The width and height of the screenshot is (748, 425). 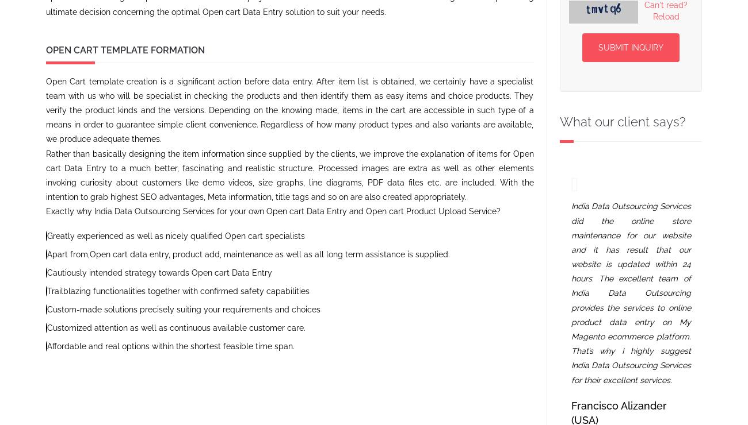 I want to click on 'Open Cart template creation is a significant action before data entry. After item list is obtained, we certainly have a specialist team with us who will be specialist in checking the products and then identify them as easy items and choice products. They verify the product kinds and the versions. Depending on the knowing made, items in the cart are accessible in such type of a means in order to guarantee simple client convenience. Regardless of how many product types and also variants are available, we produce adequate themes.', so click(x=289, y=109).